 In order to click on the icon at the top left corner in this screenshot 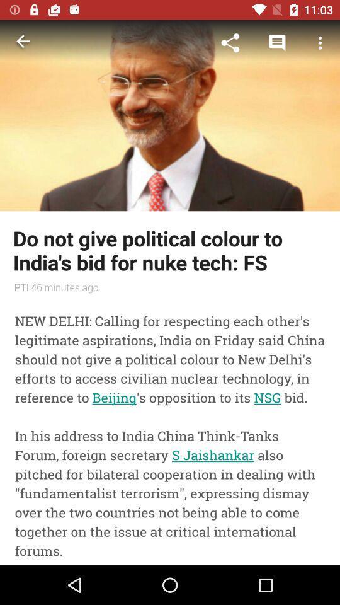, I will do `click(23, 43)`.